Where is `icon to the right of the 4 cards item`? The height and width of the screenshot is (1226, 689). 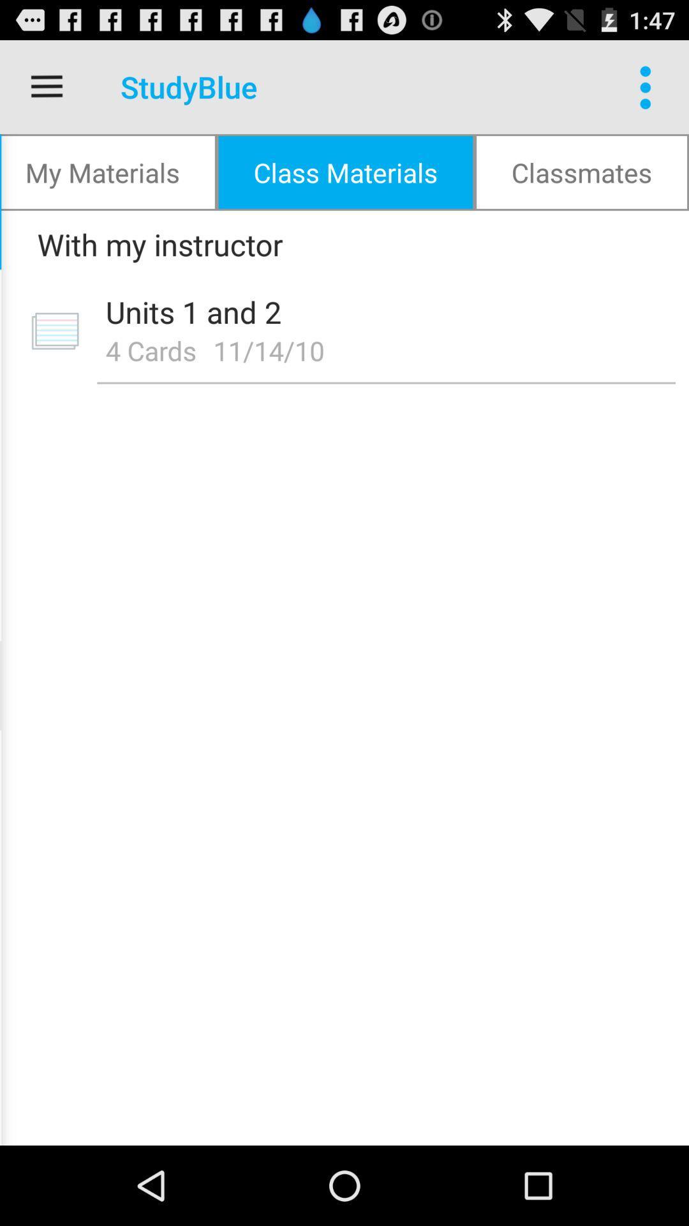 icon to the right of the 4 cards item is located at coordinates (272, 350).